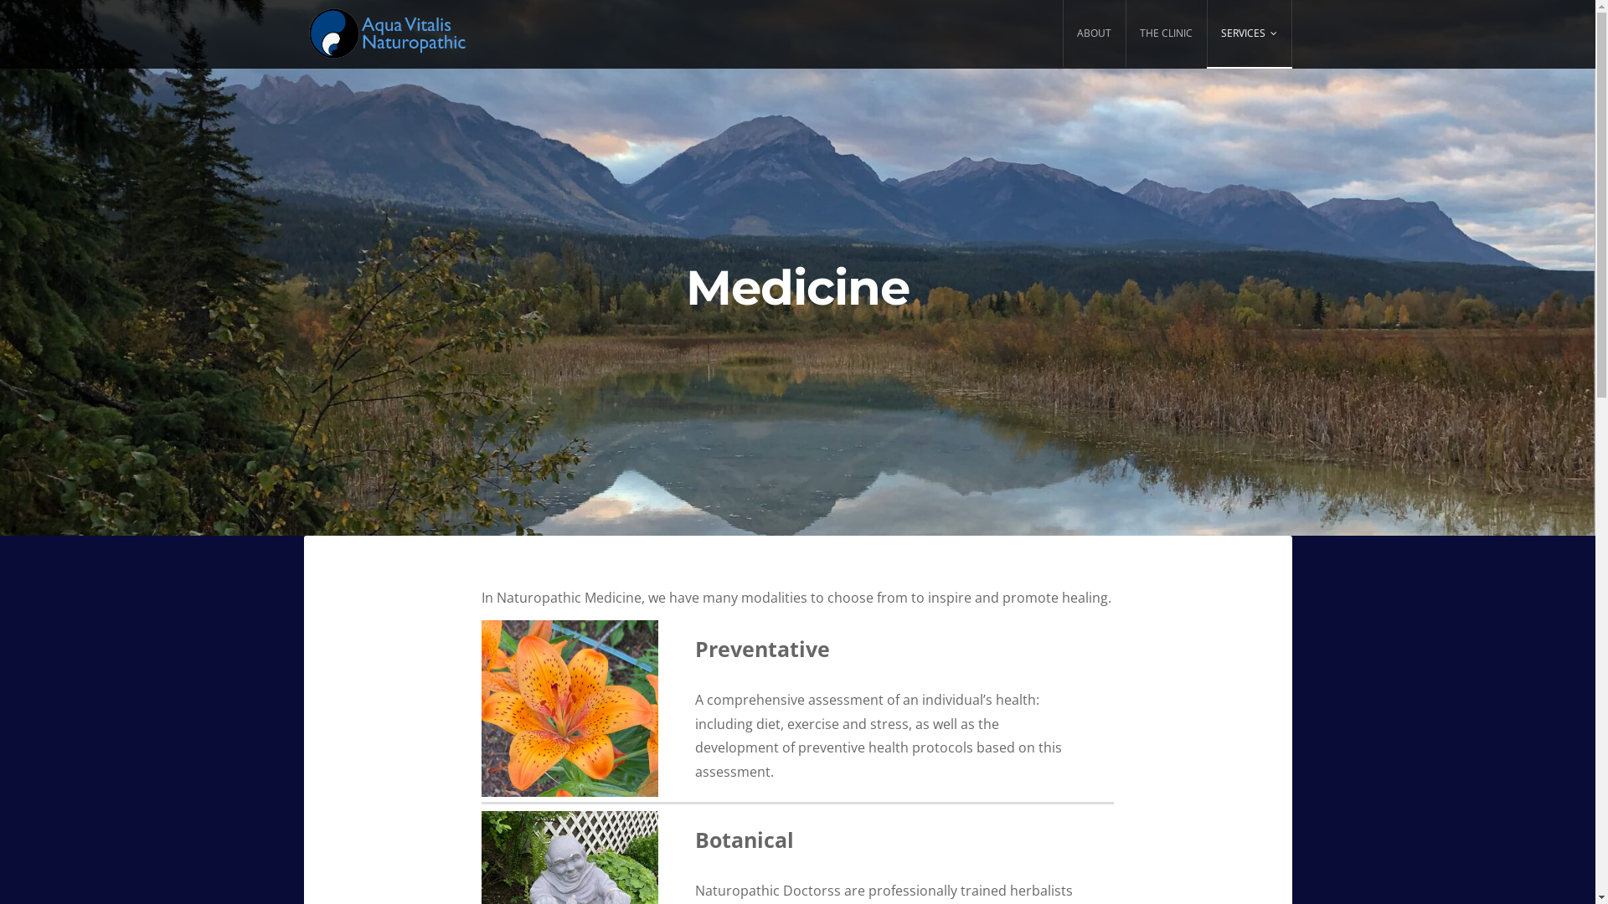 The image size is (1608, 904). What do you see at coordinates (1165, 33) in the screenshot?
I see `'THE CLINIC'` at bounding box center [1165, 33].